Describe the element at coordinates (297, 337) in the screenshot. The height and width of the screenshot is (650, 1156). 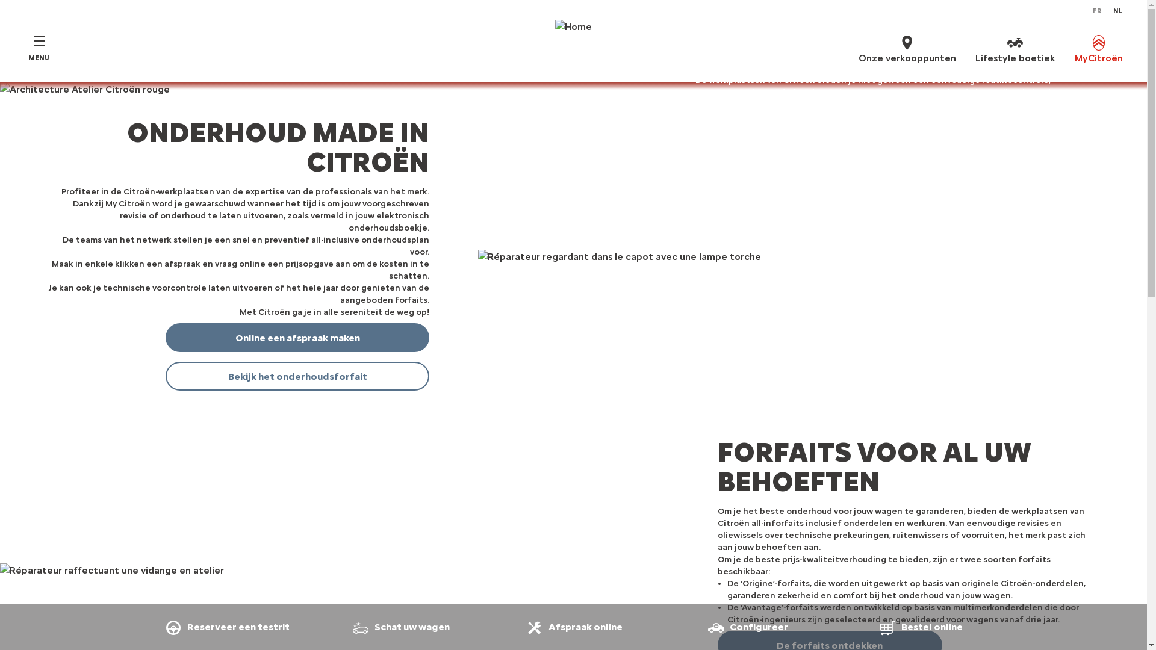
I see `'Online een afspraak maken'` at that location.